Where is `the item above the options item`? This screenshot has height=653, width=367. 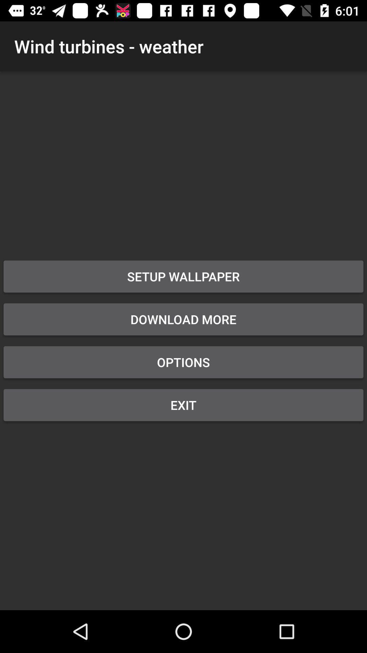
the item above the options item is located at coordinates (183, 319).